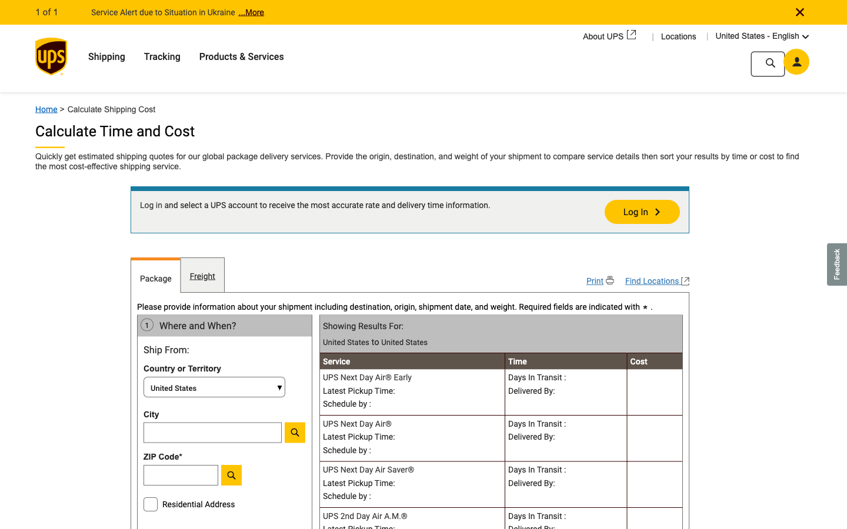 The height and width of the screenshot is (529, 847). I want to click on Extract the data present in the "City" field, so click(214, 431).